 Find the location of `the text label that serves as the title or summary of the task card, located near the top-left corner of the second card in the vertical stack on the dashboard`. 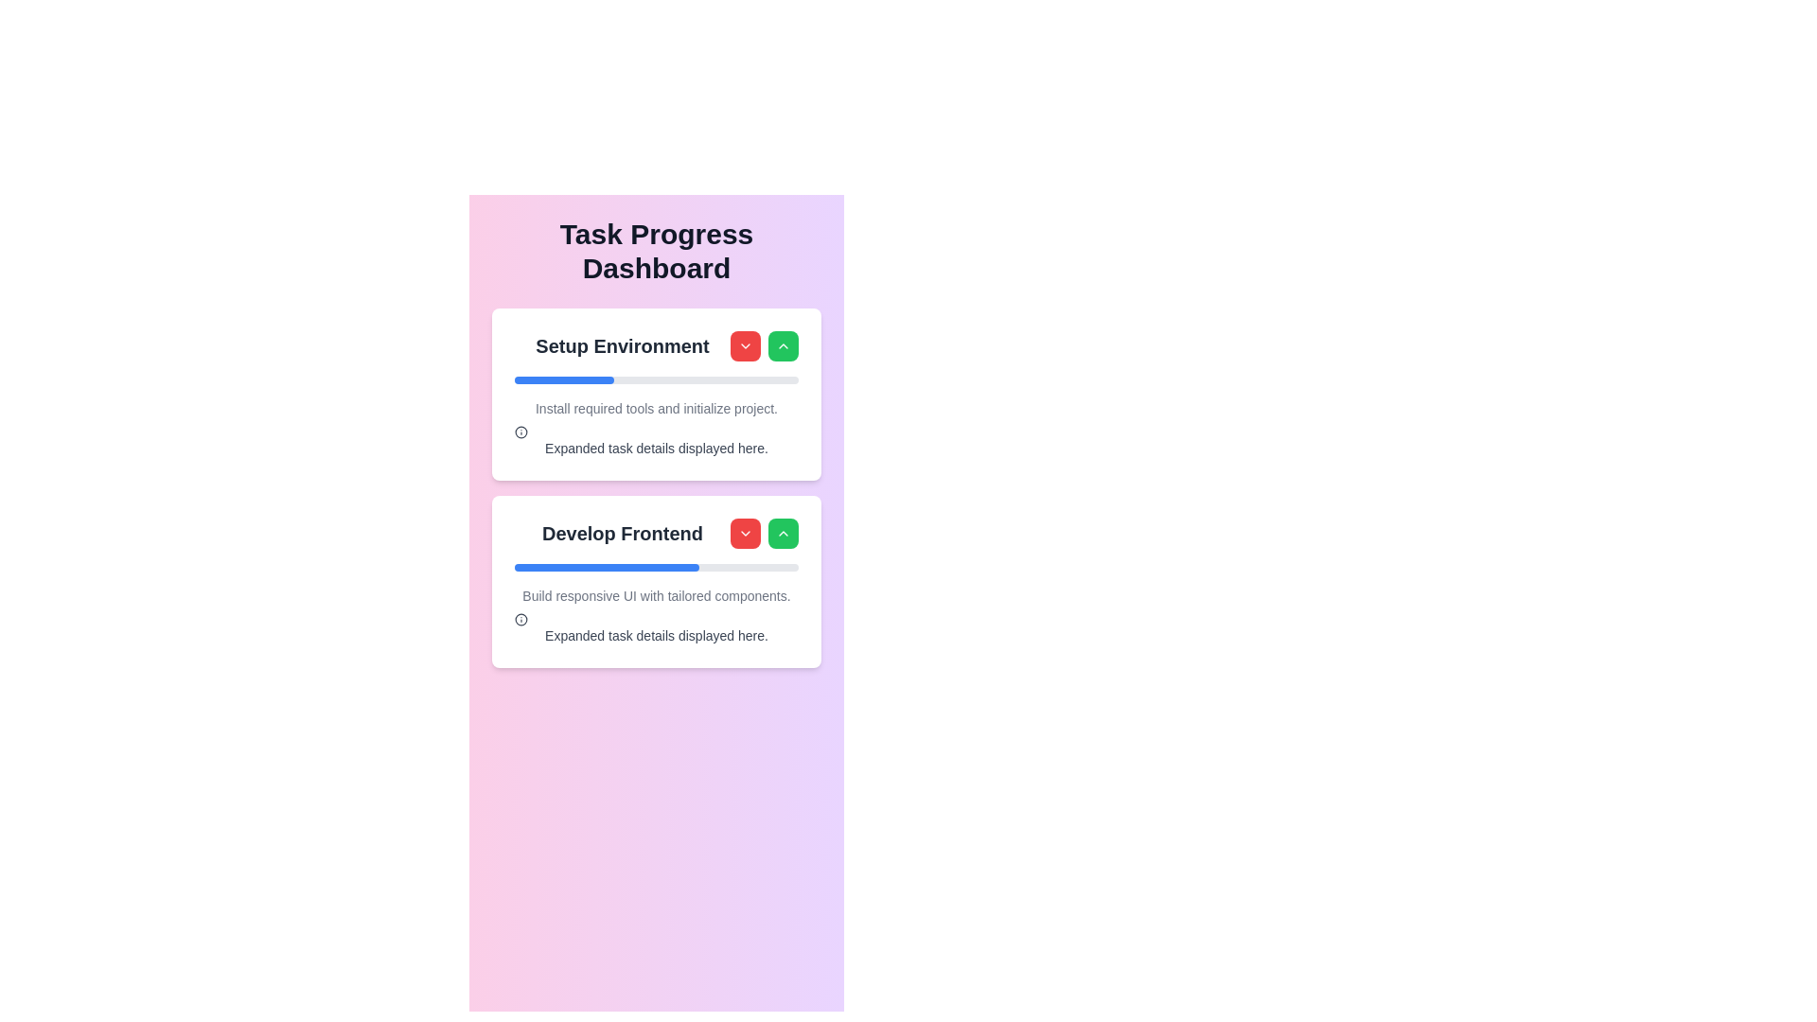

the text label that serves as the title or summary of the task card, located near the top-left corner of the second card in the vertical stack on the dashboard is located at coordinates (657, 533).